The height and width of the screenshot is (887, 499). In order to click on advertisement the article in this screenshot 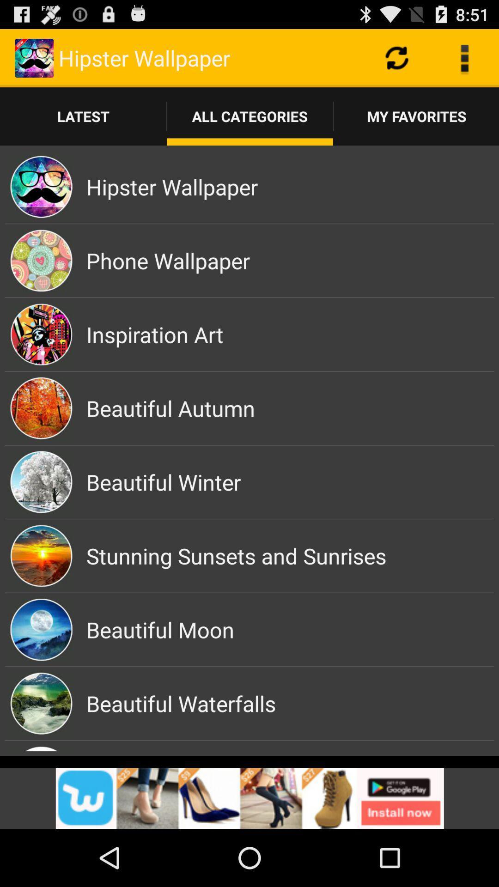, I will do `click(249, 798)`.